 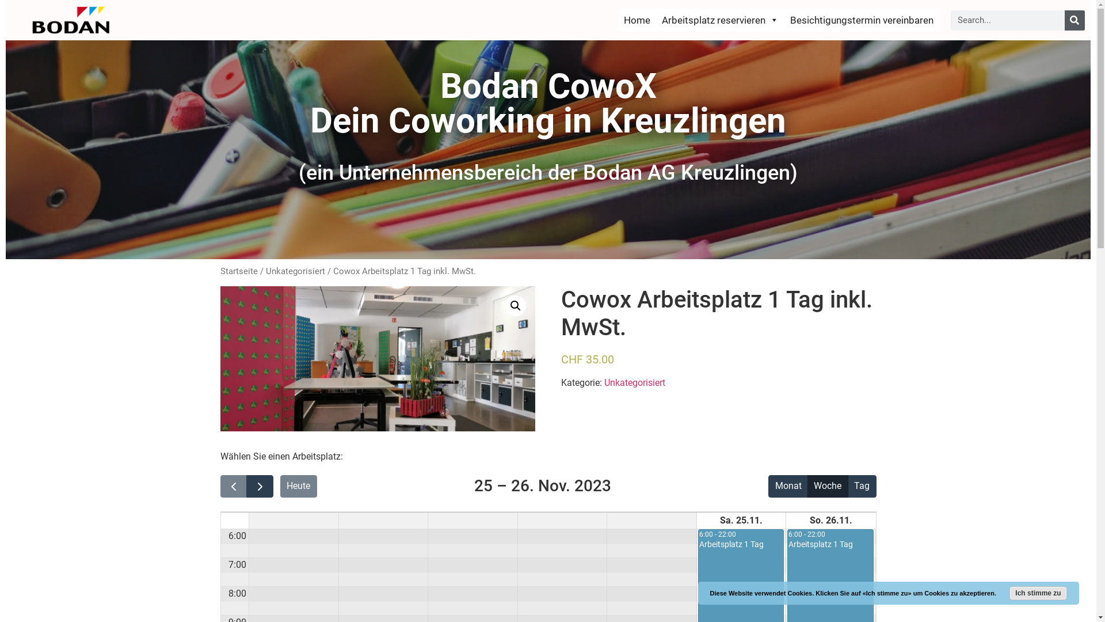 I want to click on 'Monat', so click(x=787, y=486).